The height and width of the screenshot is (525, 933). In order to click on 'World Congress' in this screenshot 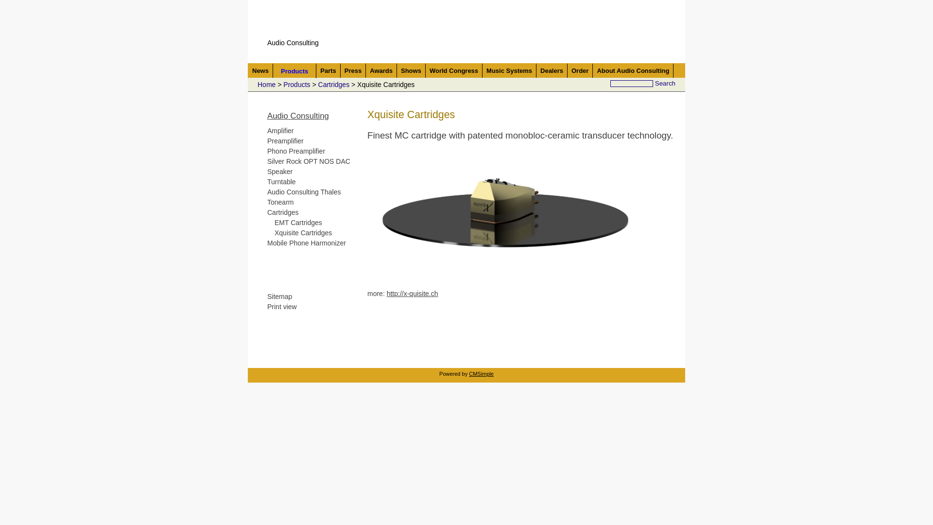, I will do `click(453, 70)`.